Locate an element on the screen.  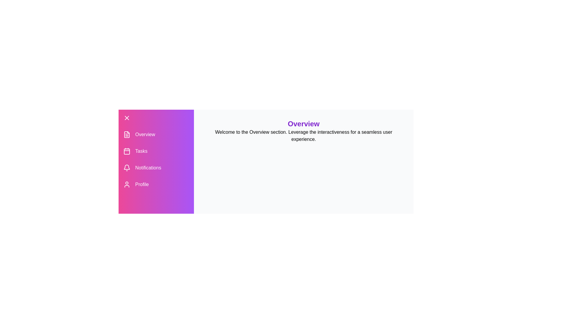
the menu button at the top left corner of the drawer to toggle its state is located at coordinates (156, 118).